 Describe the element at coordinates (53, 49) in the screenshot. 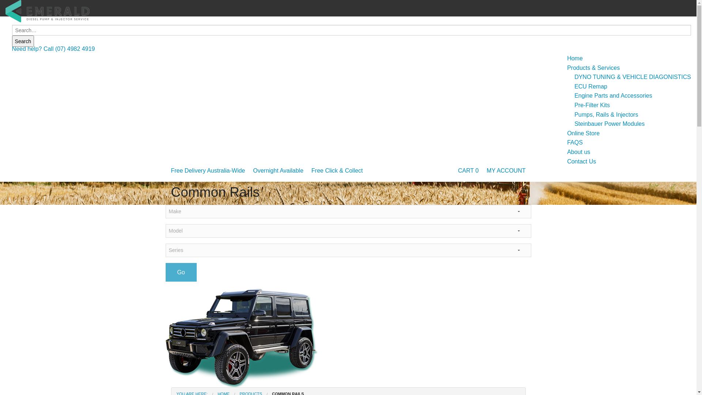

I see `'Need help? Call (07) 4982 4919'` at that location.